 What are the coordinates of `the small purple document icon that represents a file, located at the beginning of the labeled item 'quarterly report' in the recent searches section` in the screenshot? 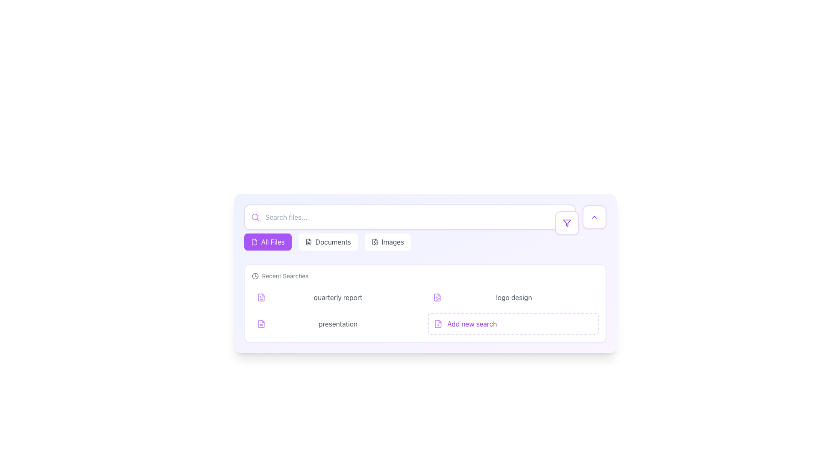 It's located at (261, 297).